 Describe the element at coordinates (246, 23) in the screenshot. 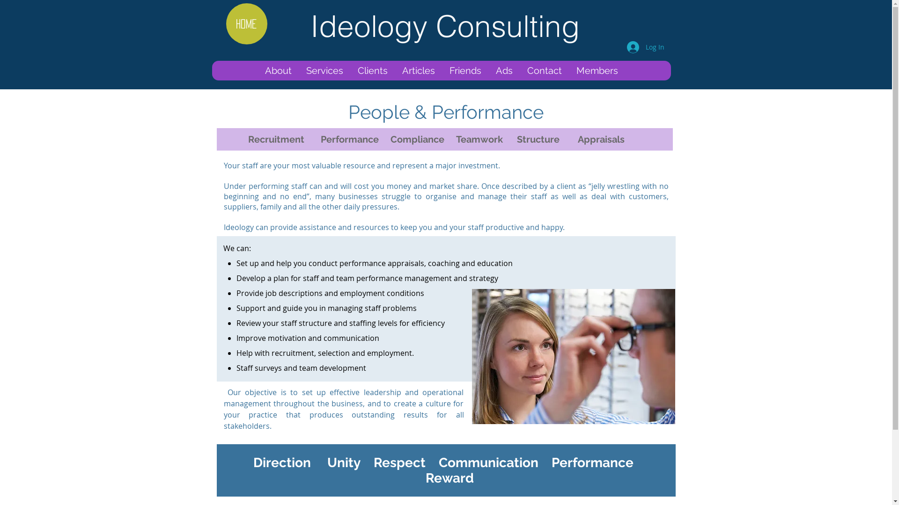

I see `'HOME'` at that location.